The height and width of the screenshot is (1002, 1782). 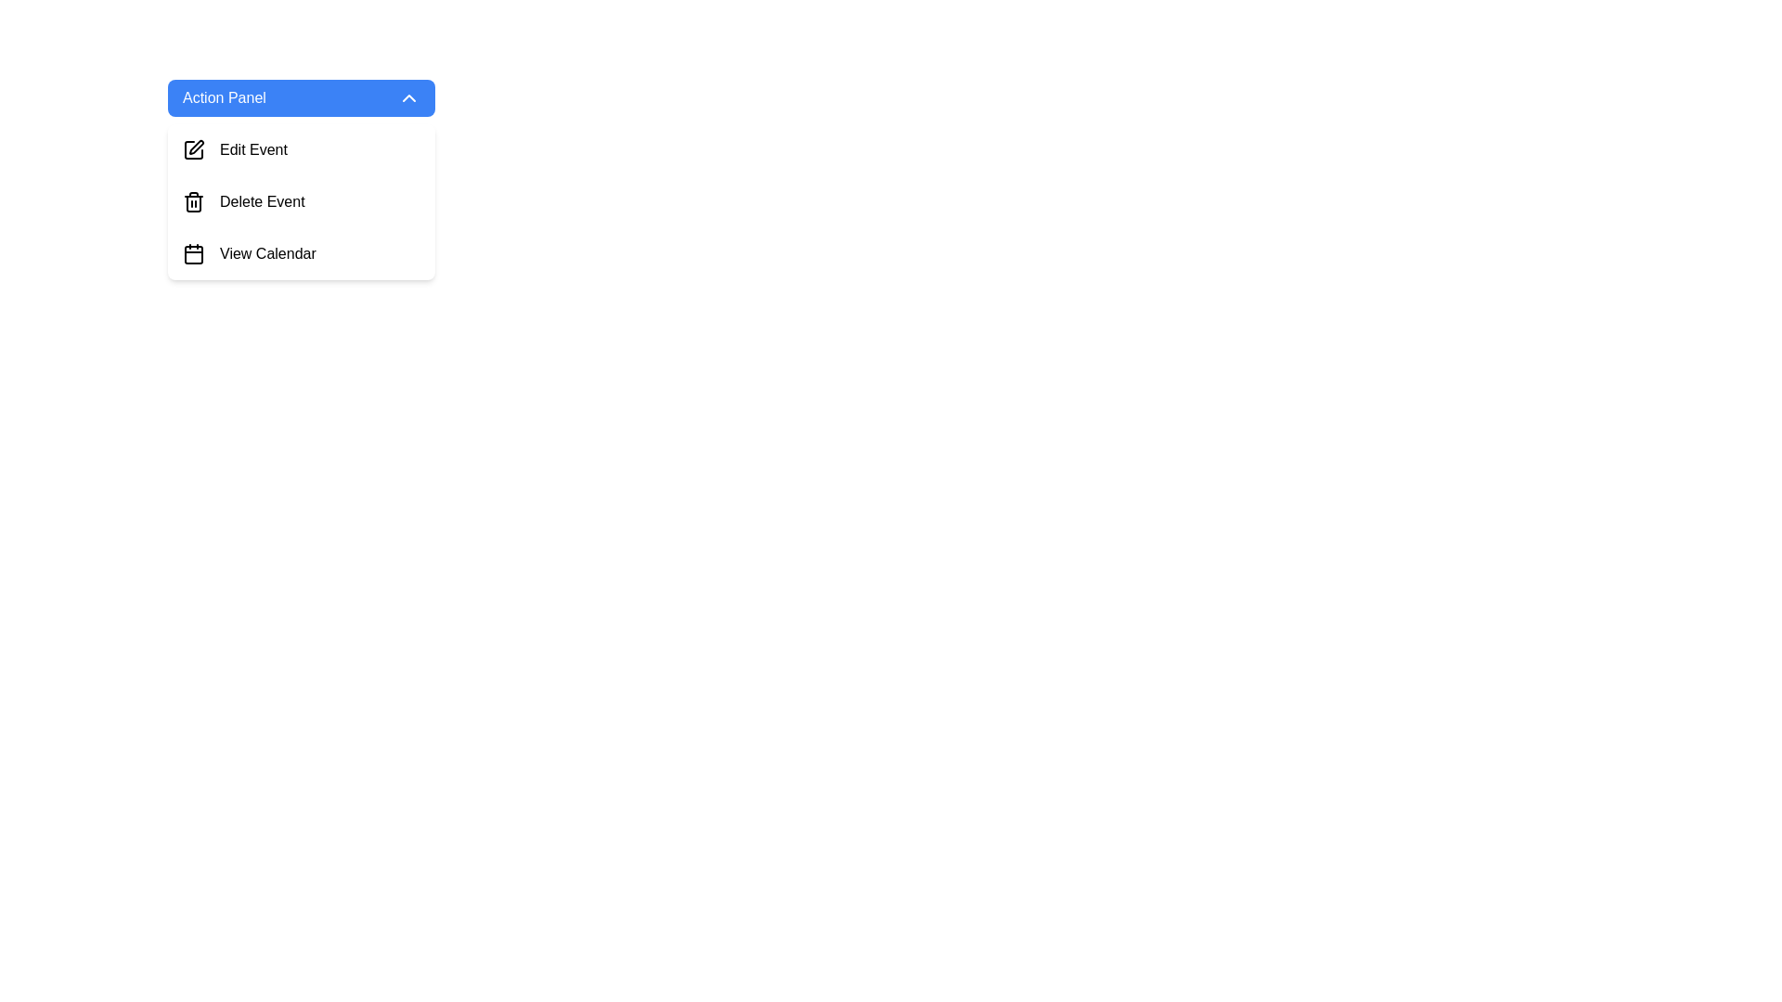 What do you see at coordinates (252, 149) in the screenshot?
I see `the 'Edit Event' text label located in the 'Action Panel' dropdown menu, which appears as the first option and is identifiable by the icon of a square with a pen` at bounding box center [252, 149].